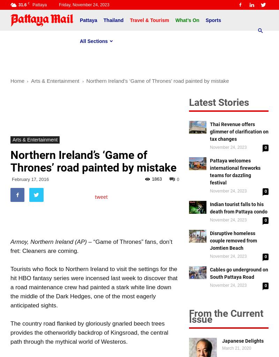 This screenshot has height=357, width=279. What do you see at coordinates (101, 197) in the screenshot?
I see `'tweet'` at bounding box center [101, 197].